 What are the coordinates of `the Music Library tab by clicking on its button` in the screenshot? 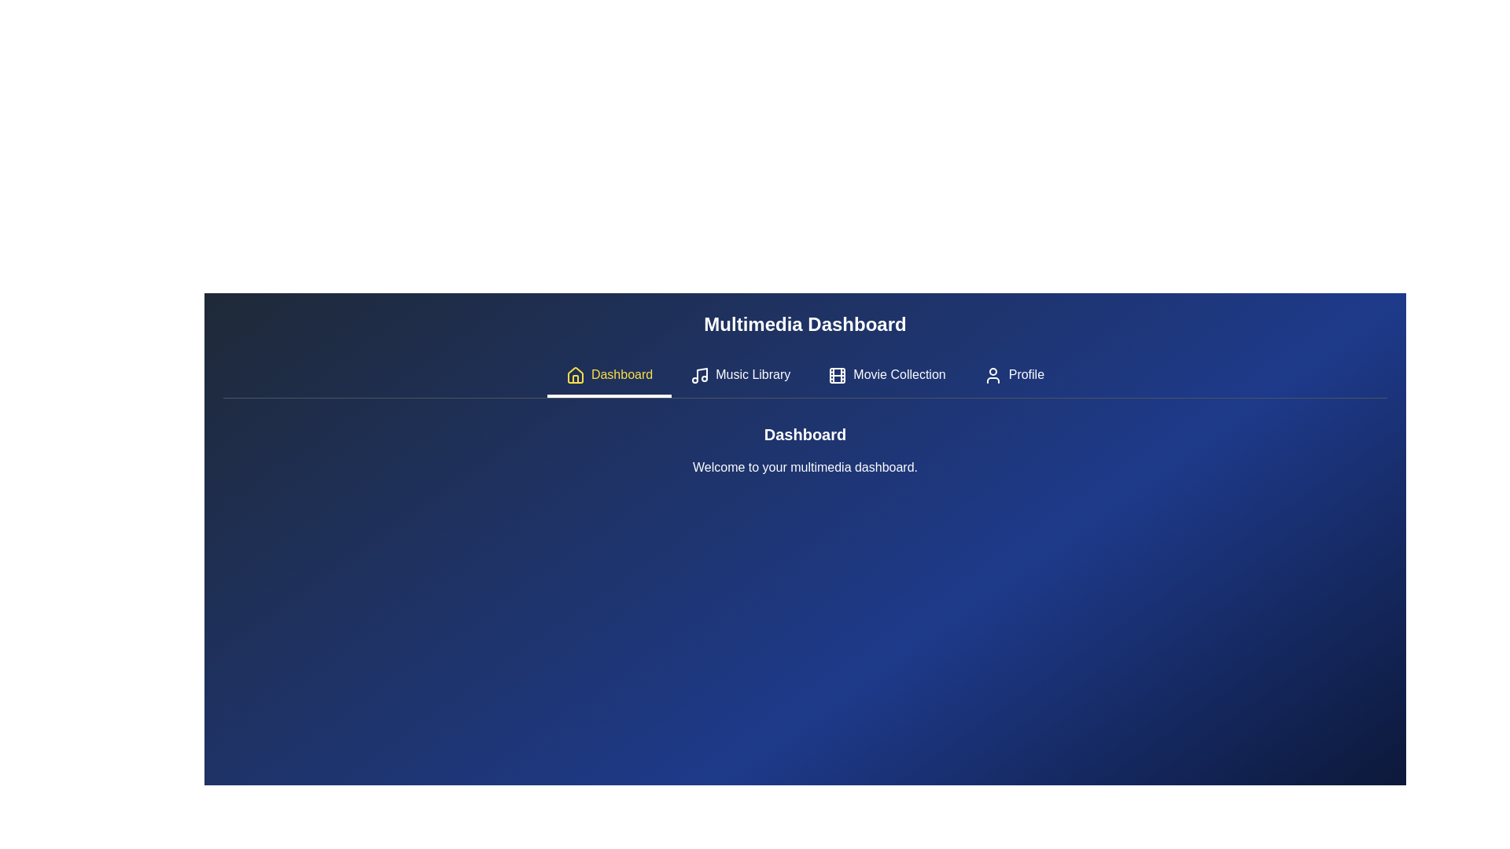 It's located at (739, 377).